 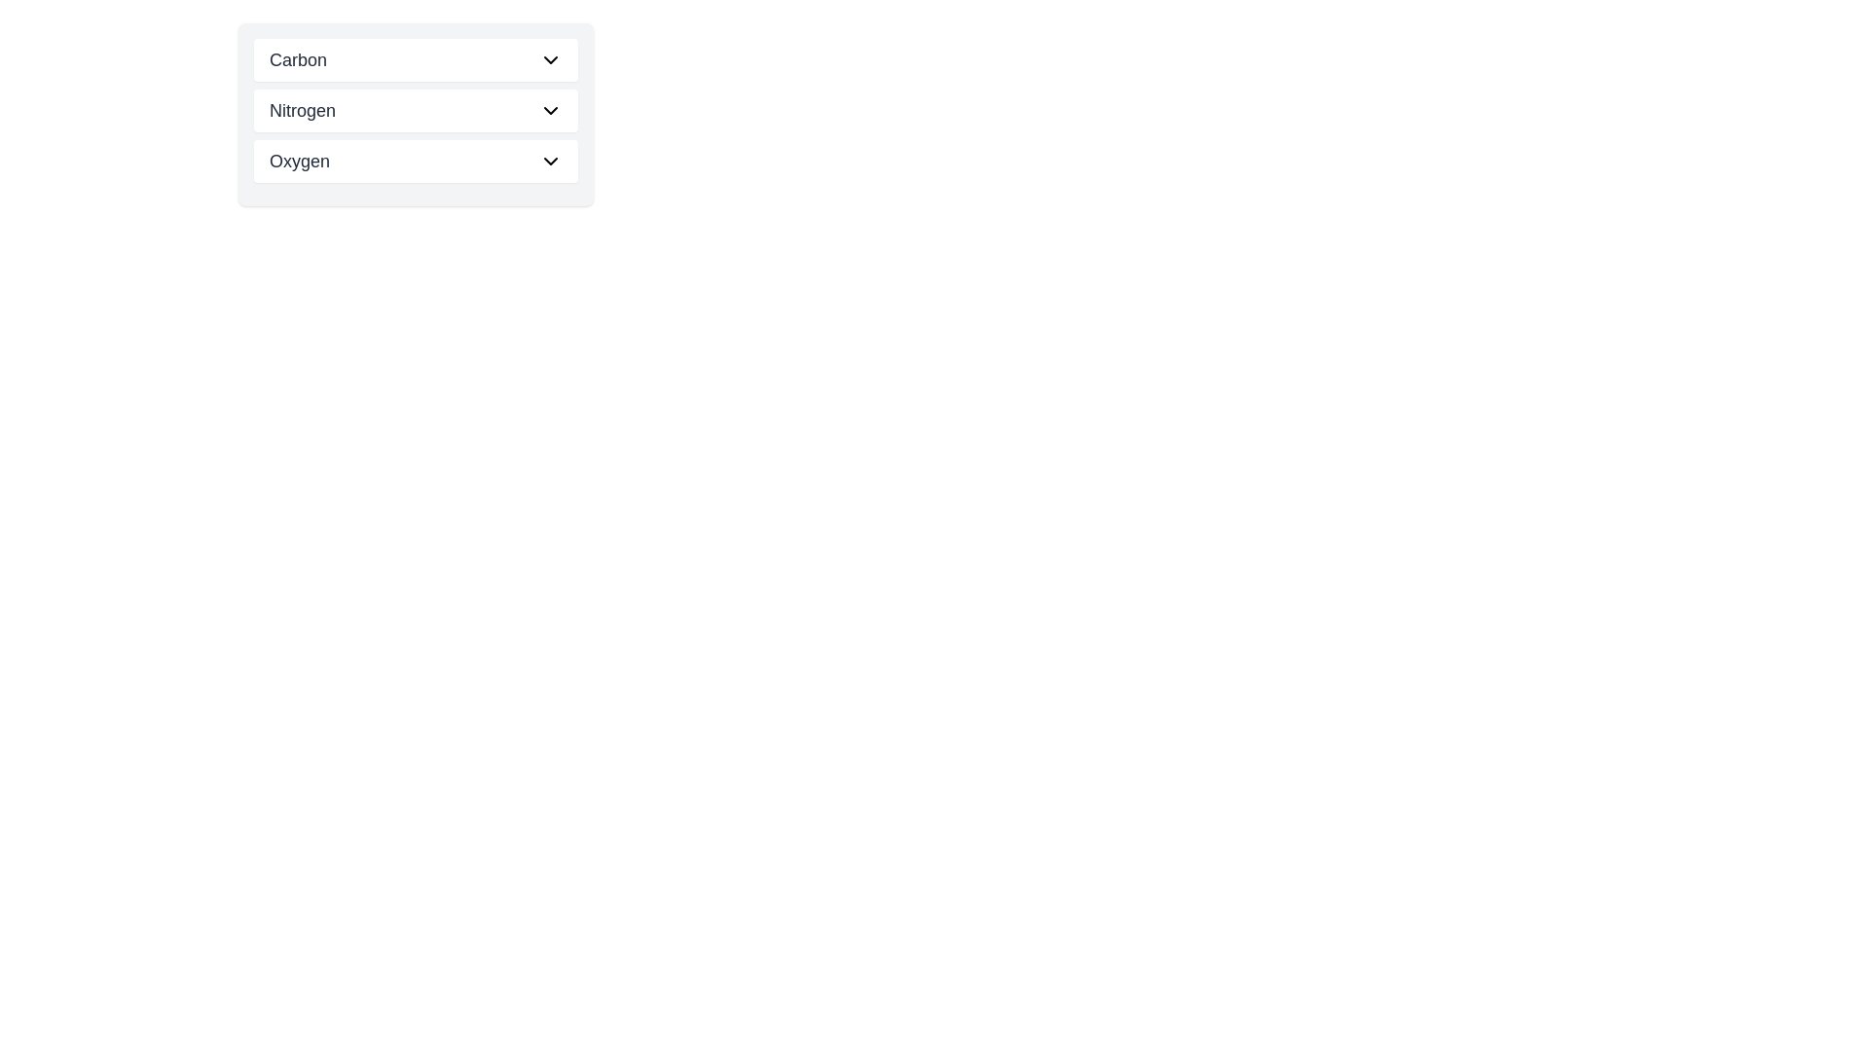 I want to click on the 'Carbon' dropdown menu element for keyboard interaction, so click(x=415, y=58).